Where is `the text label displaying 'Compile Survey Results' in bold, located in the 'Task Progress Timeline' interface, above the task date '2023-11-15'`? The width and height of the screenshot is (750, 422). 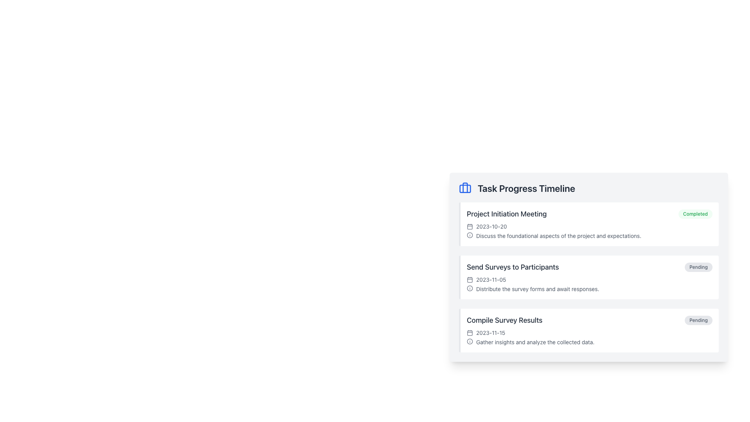
the text label displaying 'Compile Survey Results' in bold, located in the 'Task Progress Timeline' interface, above the task date '2023-11-15' is located at coordinates (504, 320).